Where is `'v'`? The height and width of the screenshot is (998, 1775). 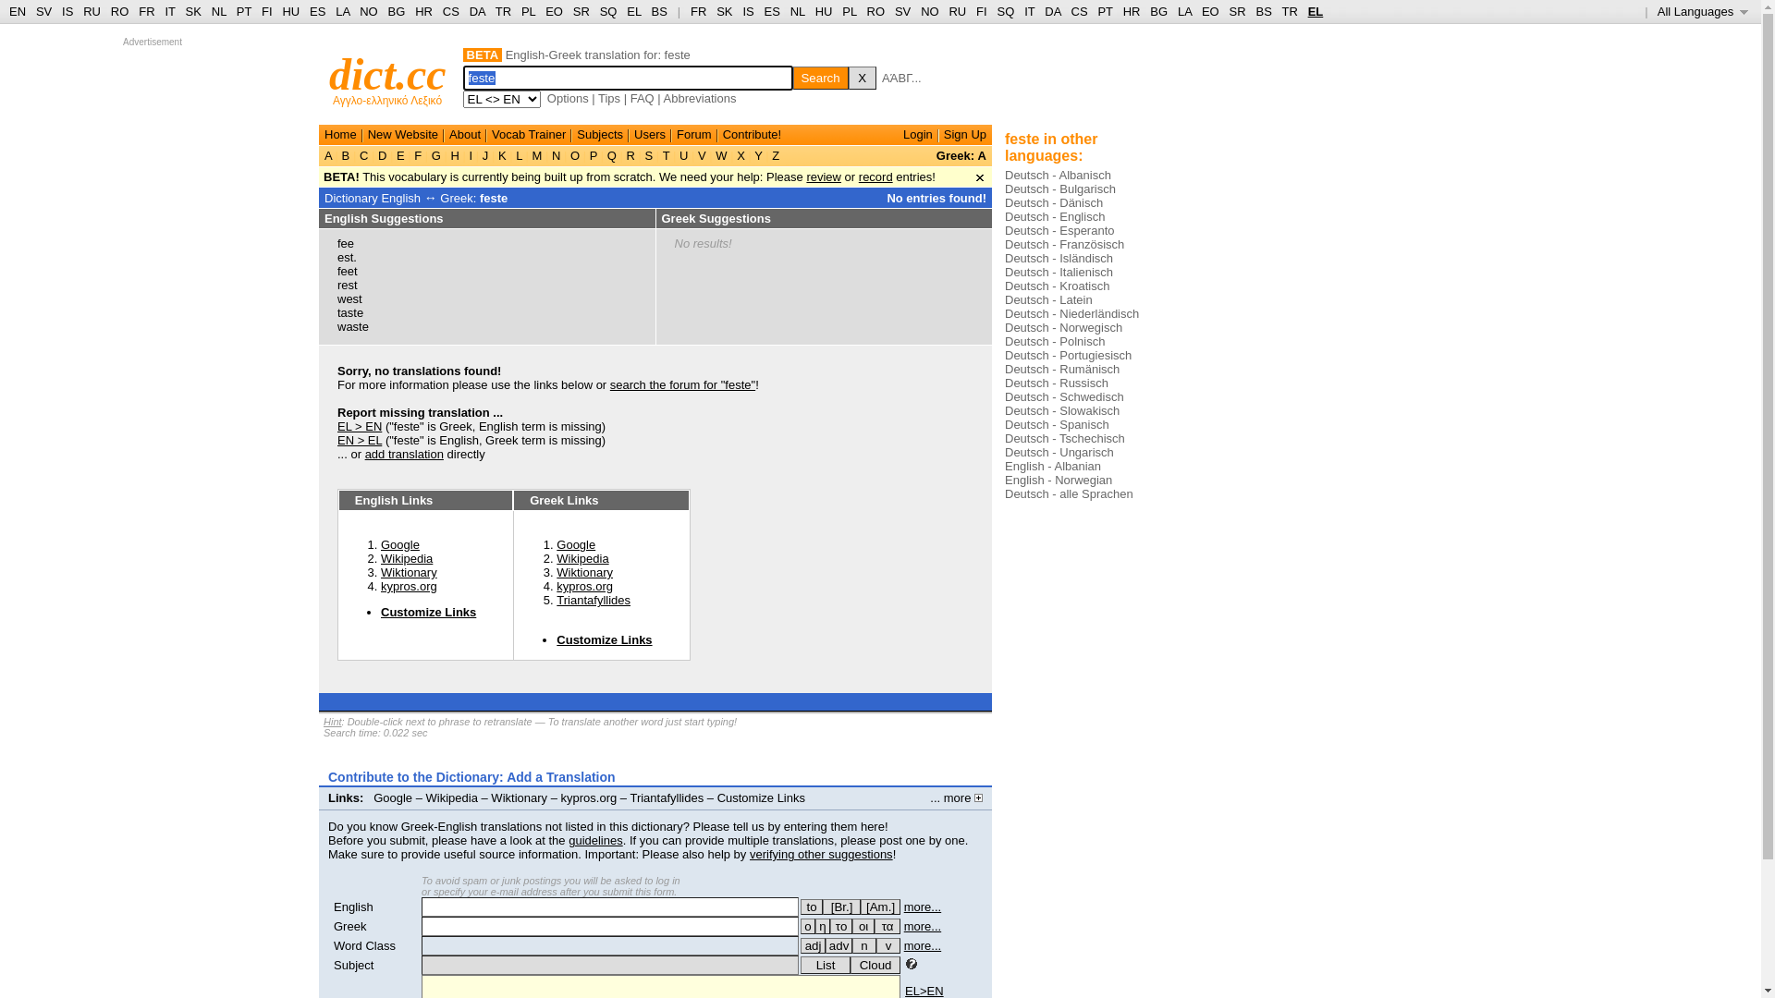 'v' is located at coordinates (887, 945).